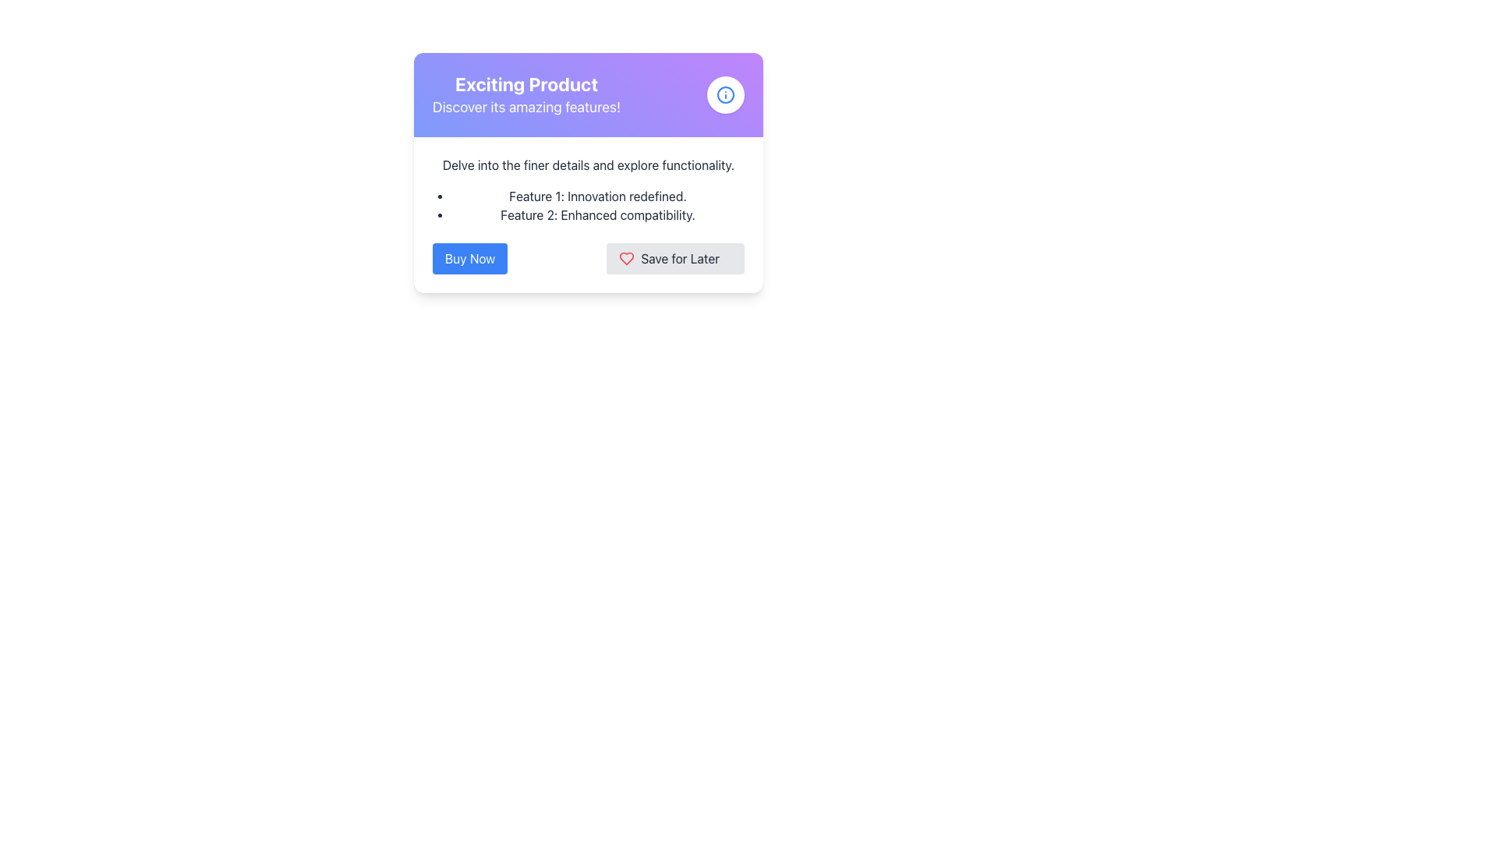  I want to click on the circular button with a white background and a blue 'i' information icon located at the top-right corner of the highlighted 'Exciting Product' section, so click(725, 95).